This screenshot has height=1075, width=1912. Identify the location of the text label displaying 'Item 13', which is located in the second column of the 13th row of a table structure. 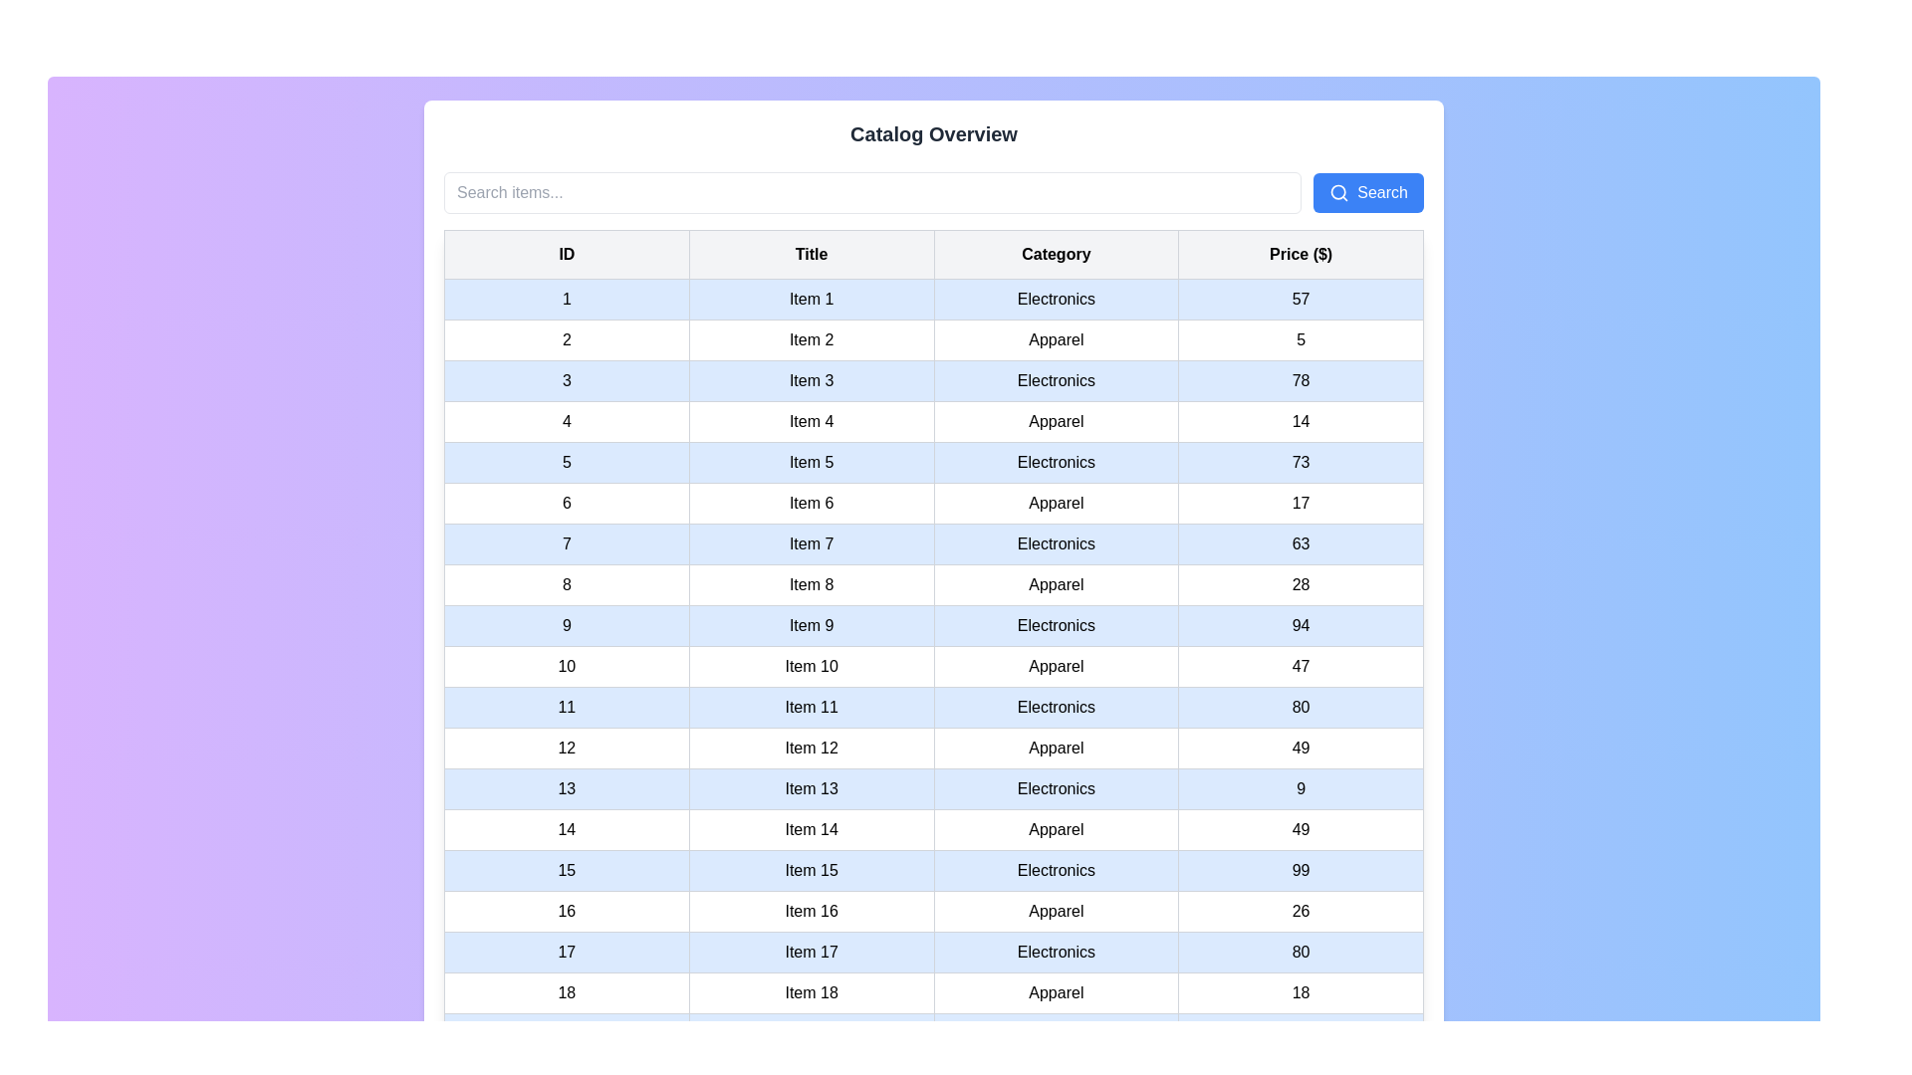
(812, 788).